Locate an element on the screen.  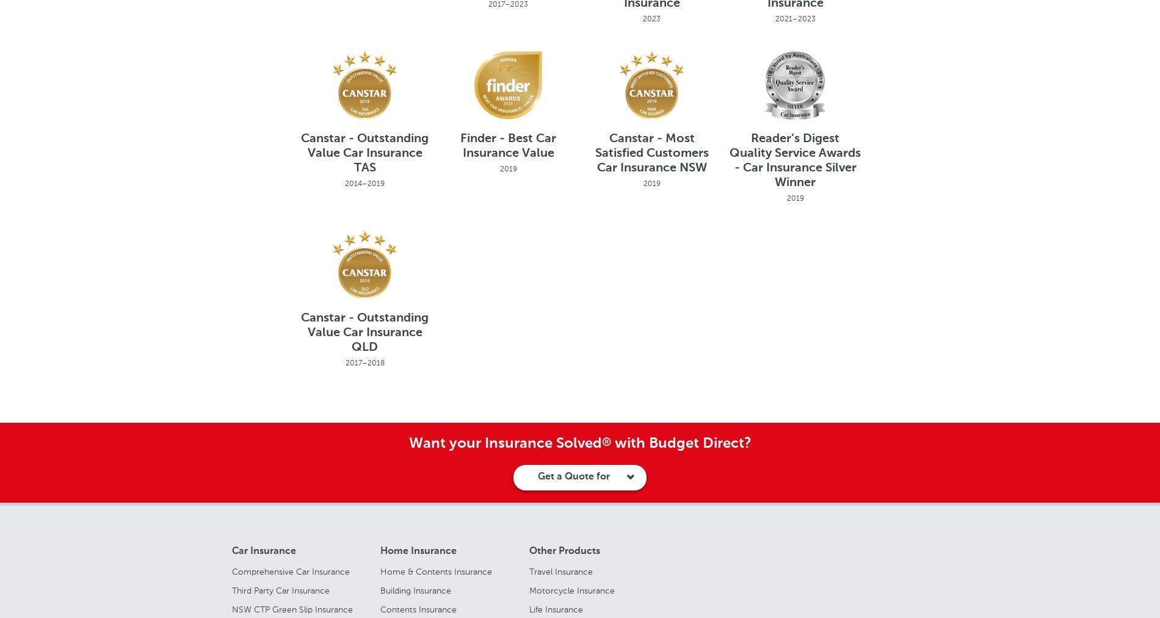
'Canstar - Most Satisfied Customers Car Insurance NSW' is located at coordinates (651, 153).